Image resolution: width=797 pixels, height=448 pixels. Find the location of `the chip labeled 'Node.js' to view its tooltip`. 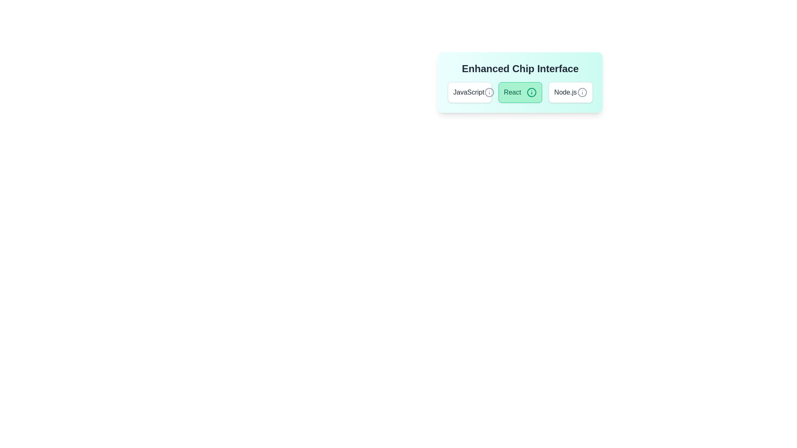

the chip labeled 'Node.js' to view its tooltip is located at coordinates (570, 93).